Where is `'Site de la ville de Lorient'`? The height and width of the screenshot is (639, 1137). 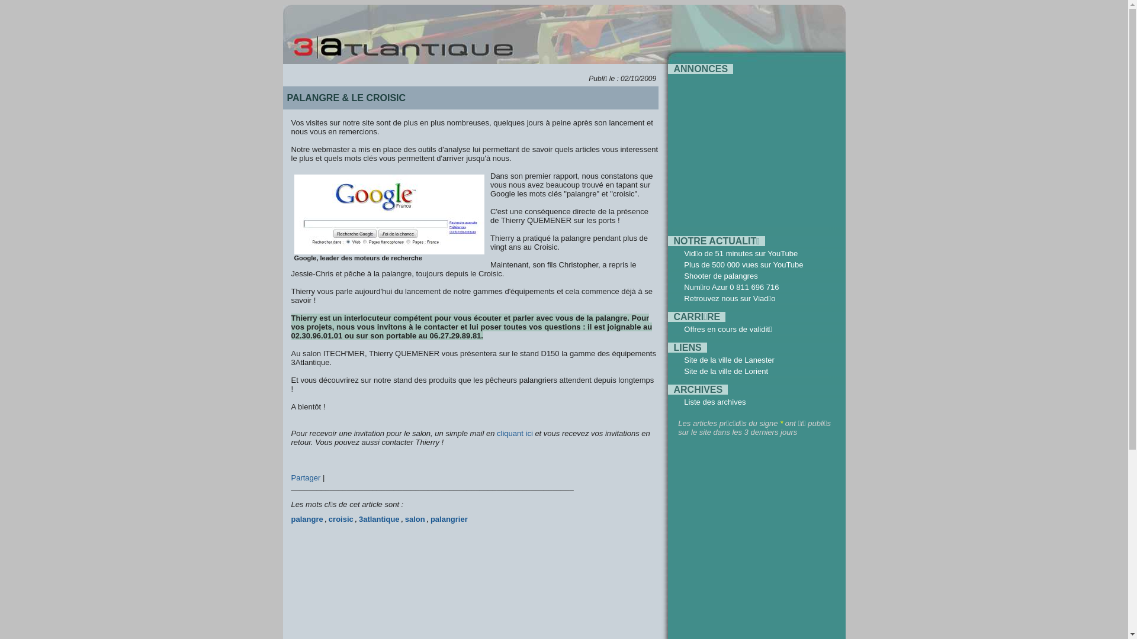
'Site de la ville de Lorient' is located at coordinates (684, 370).